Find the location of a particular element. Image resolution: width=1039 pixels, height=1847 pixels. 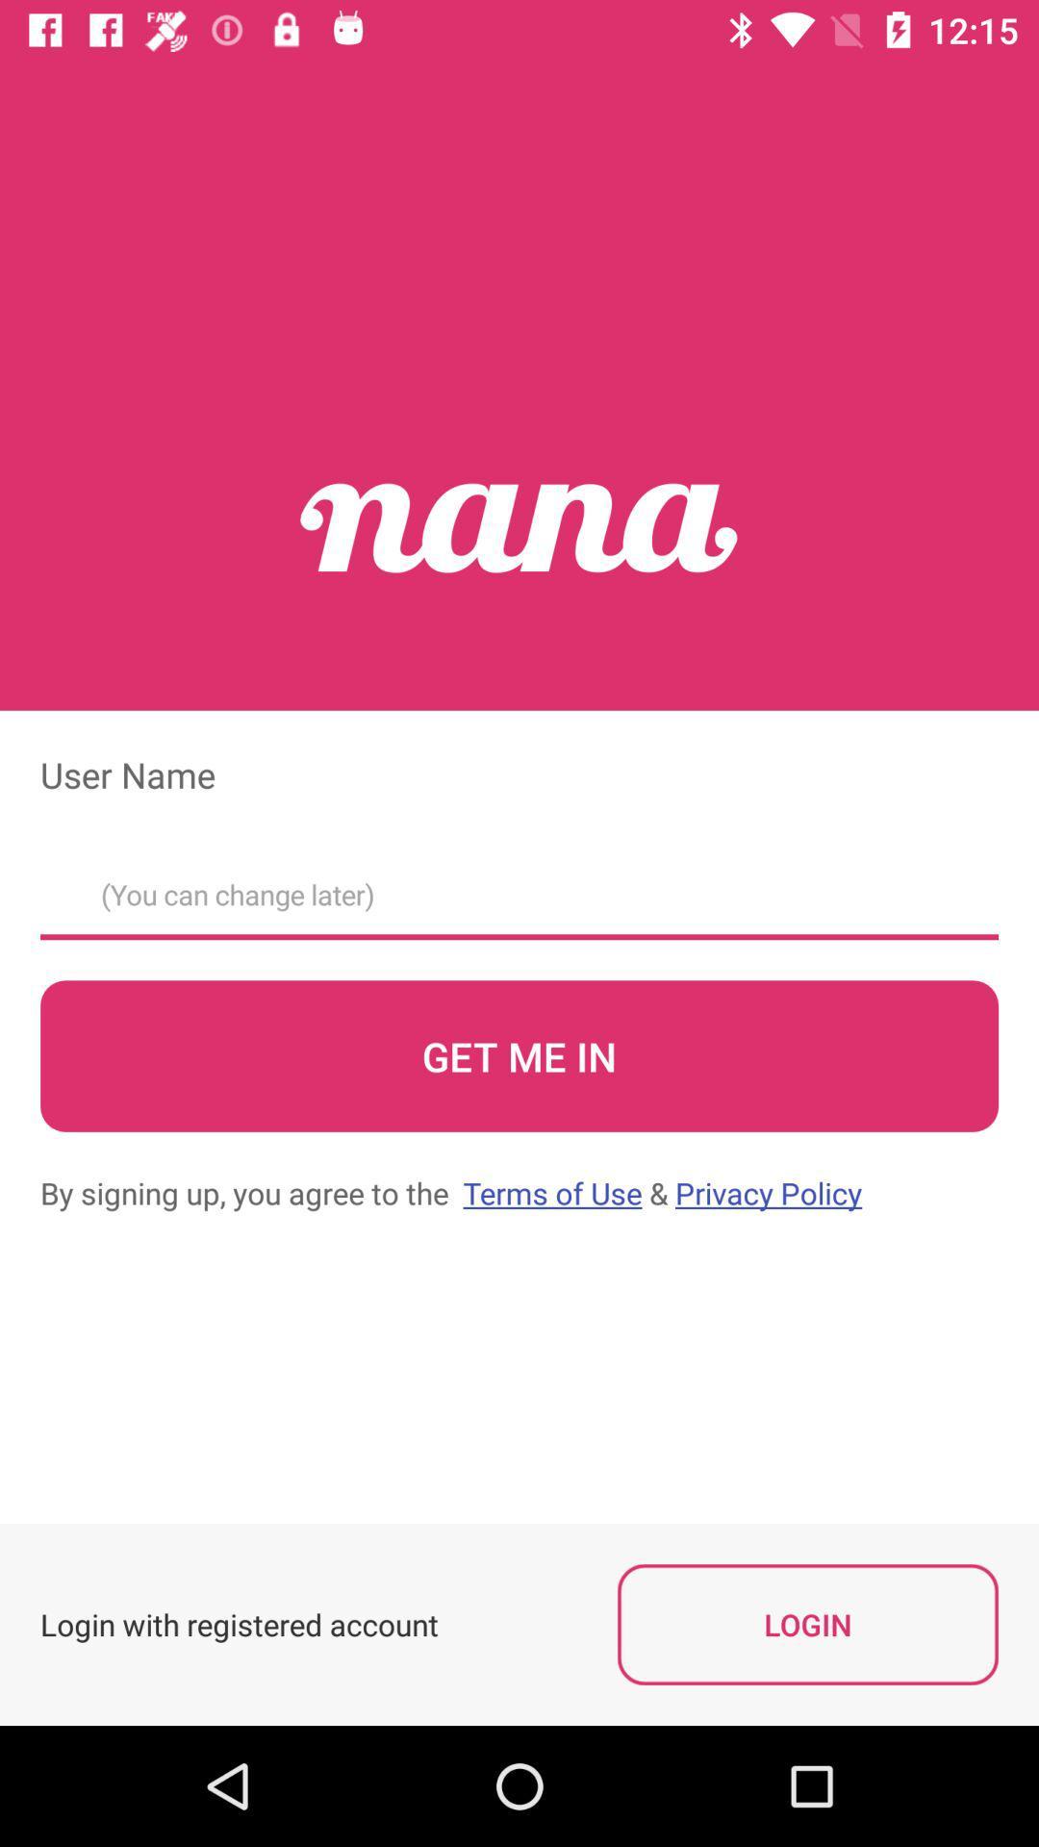

username text field is located at coordinates (519, 888).